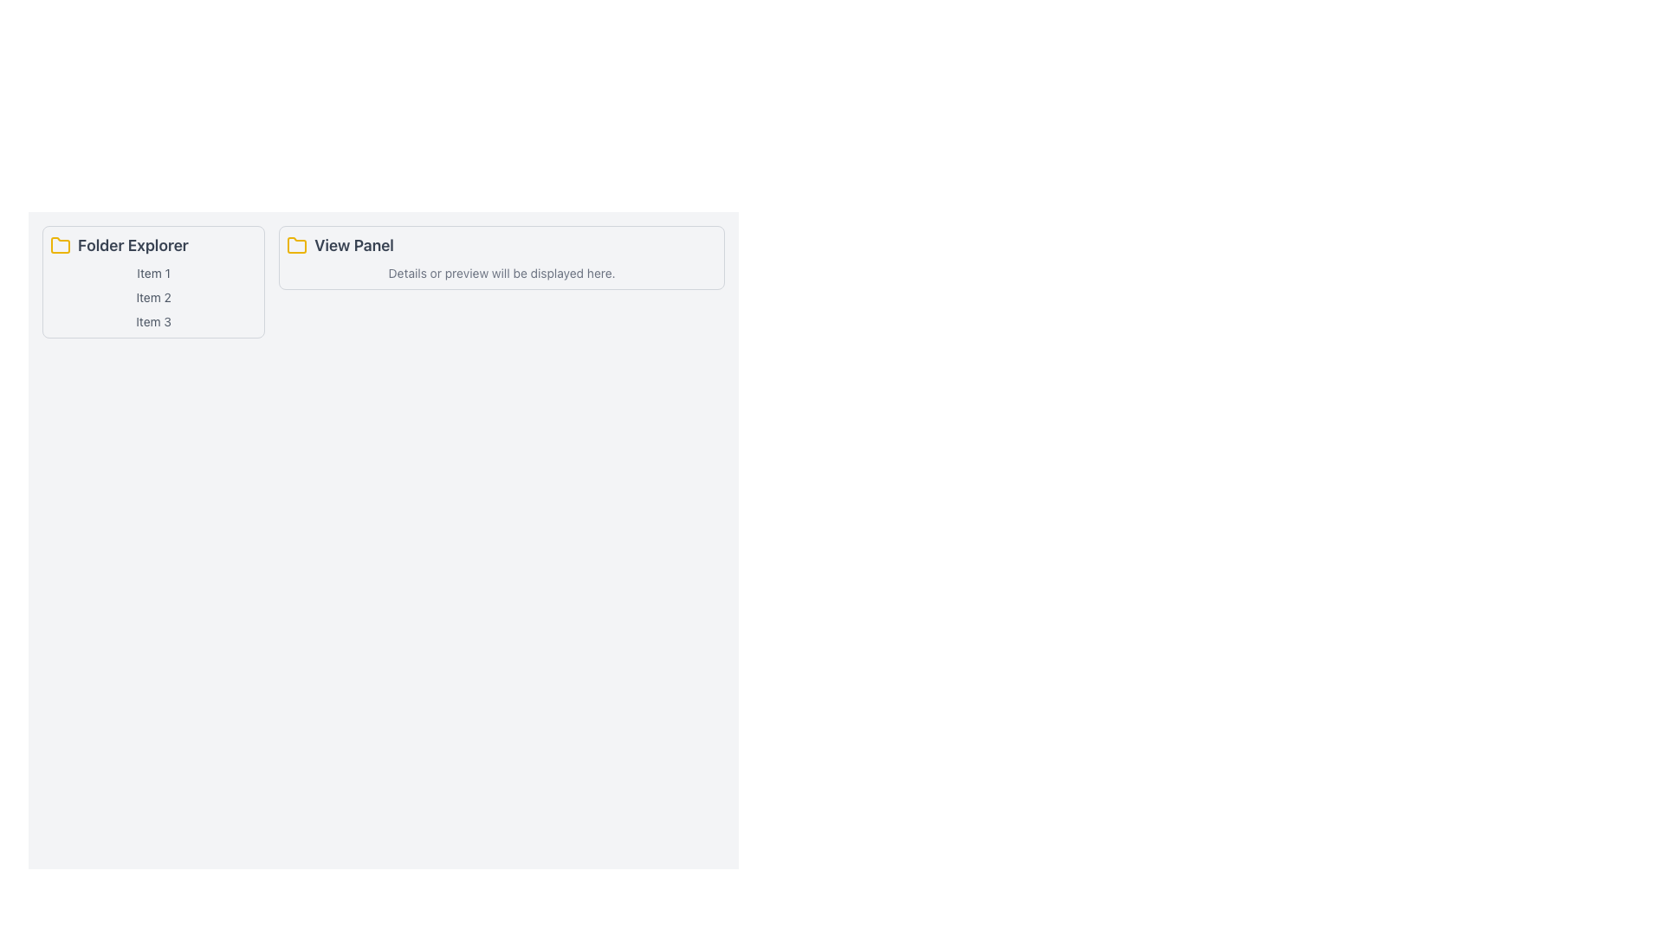 This screenshot has height=935, width=1663. I want to click on the 'Folder Explorer' panel by clicking the folder icon located at the top-left corner of the panel, so click(61, 244).